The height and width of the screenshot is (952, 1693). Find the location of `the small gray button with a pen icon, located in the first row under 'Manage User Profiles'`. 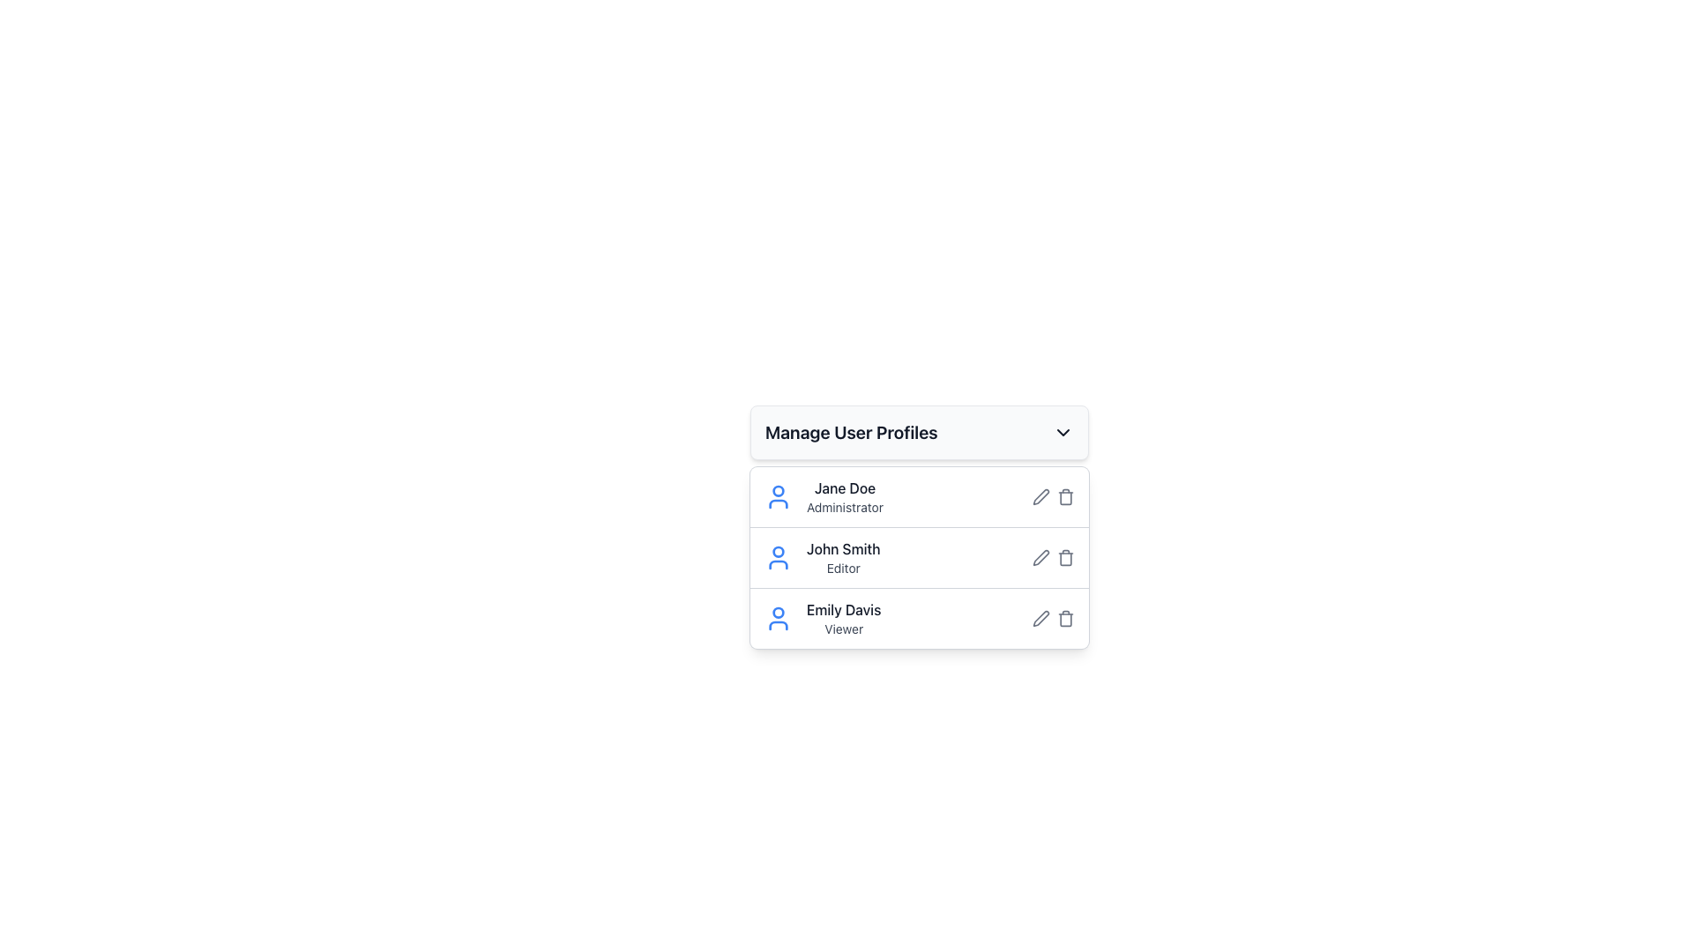

the small gray button with a pen icon, located in the first row under 'Manage User Profiles' is located at coordinates (1040, 496).